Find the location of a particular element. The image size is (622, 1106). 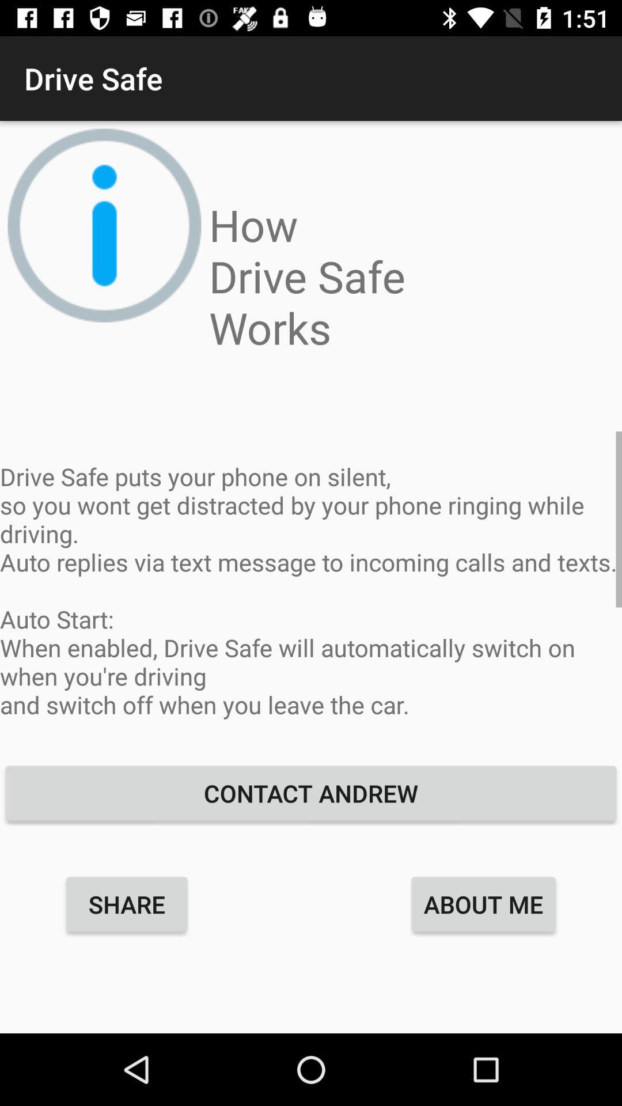

the item to the right of share is located at coordinates (483, 903).